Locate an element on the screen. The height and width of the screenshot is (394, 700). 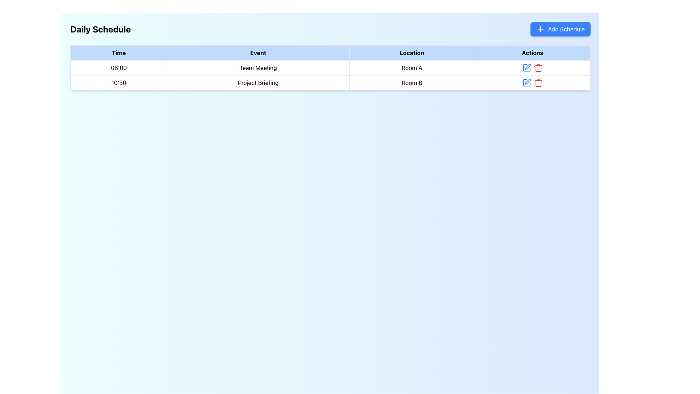
the Edit icon located in the Actions column of the first row in the table to initiate the edit action is located at coordinates (526, 67).